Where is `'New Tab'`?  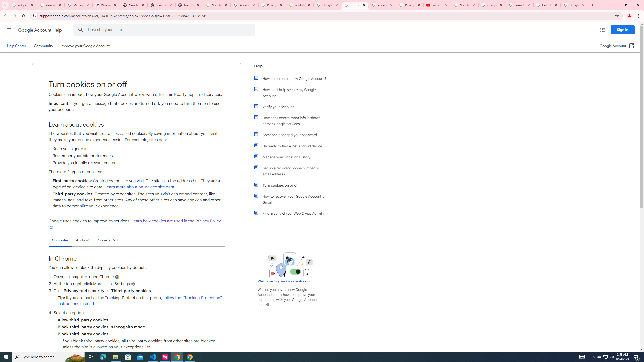 'New Tab' is located at coordinates (161, 5).